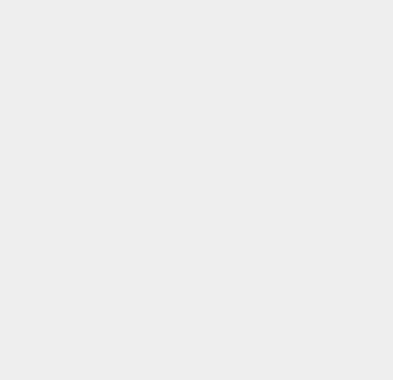 The image size is (393, 380). I want to click on 'DOS', so click(283, 43).